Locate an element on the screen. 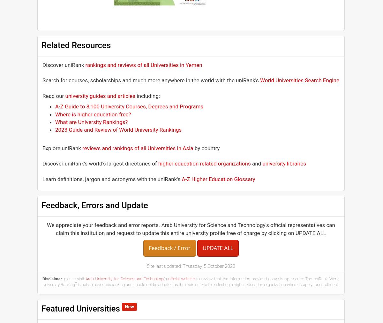  'World Universities Search Engine' is located at coordinates (260, 80).